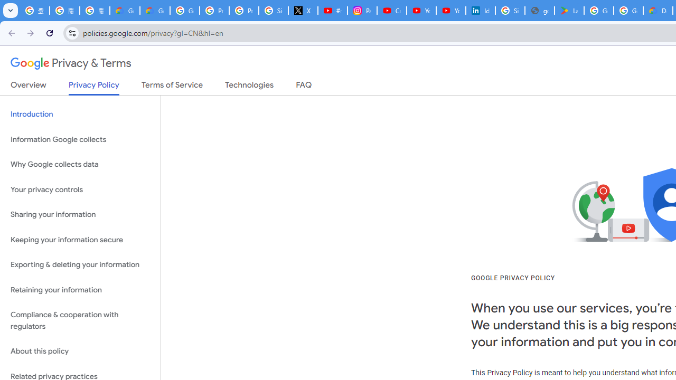  Describe the element at coordinates (80, 165) in the screenshot. I see `'Why Google collects data'` at that location.